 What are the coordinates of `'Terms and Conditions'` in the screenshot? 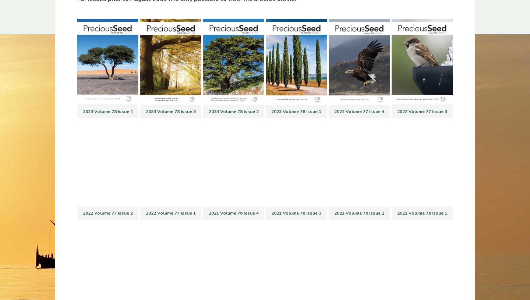 It's located at (183, 232).